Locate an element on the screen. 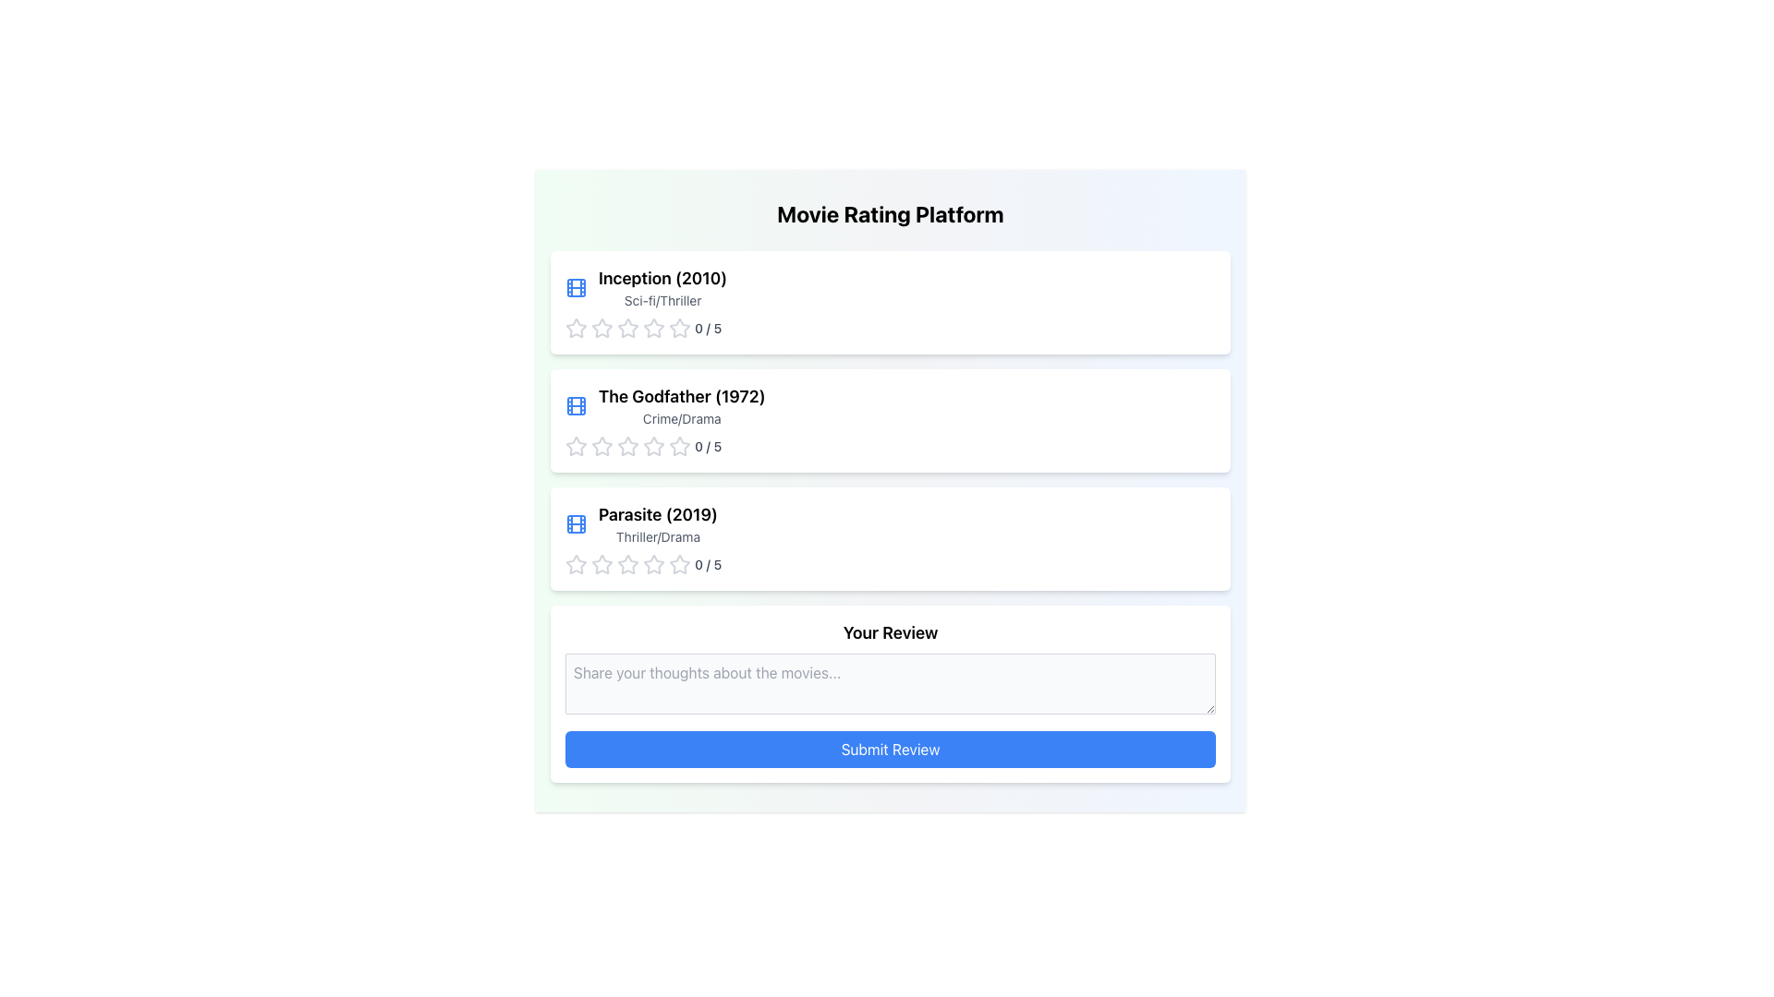 The height and width of the screenshot is (997, 1774). the second star in the rating section for 'The Godfather (1972)' to rate it is located at coordinates (654, 446).